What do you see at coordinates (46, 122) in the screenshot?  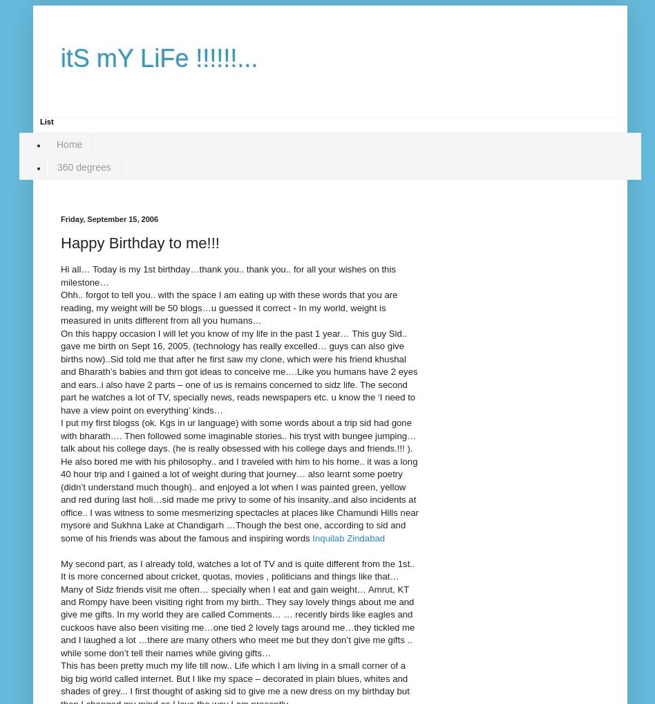 I see `'List'` at bounding box center [46, 122].